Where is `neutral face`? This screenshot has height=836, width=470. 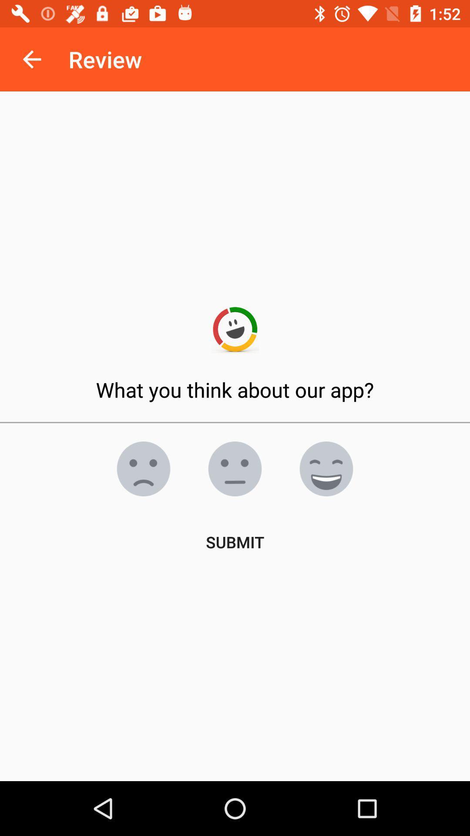
neutral face is located at coordinates (235, 468).